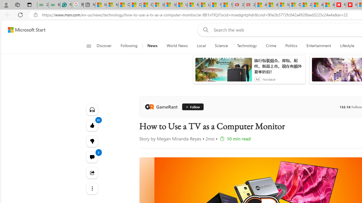 The image size is (362, 203). I want to click on 'View comments 2 Comment', so click(92, 157).